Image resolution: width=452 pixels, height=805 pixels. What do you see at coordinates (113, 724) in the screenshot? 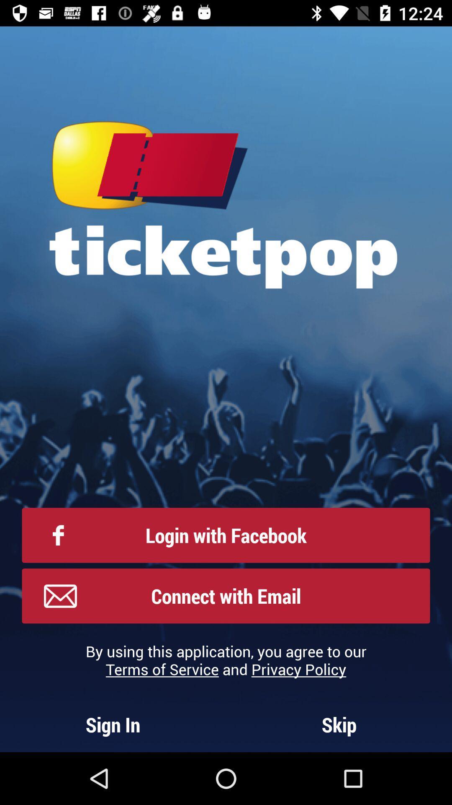
I see `the icon below the by using this` at bounding box center [113, 724].